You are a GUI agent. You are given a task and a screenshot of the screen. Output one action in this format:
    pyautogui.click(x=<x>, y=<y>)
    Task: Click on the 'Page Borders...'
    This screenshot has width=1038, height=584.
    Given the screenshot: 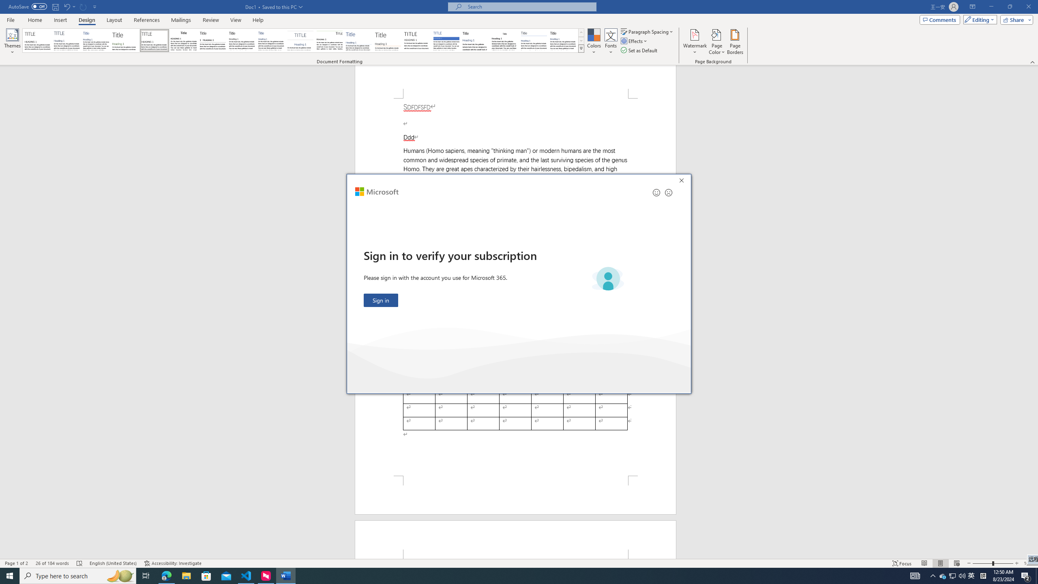 What is the action you would take?
    pyautogui.click(x=735, y=42)
    